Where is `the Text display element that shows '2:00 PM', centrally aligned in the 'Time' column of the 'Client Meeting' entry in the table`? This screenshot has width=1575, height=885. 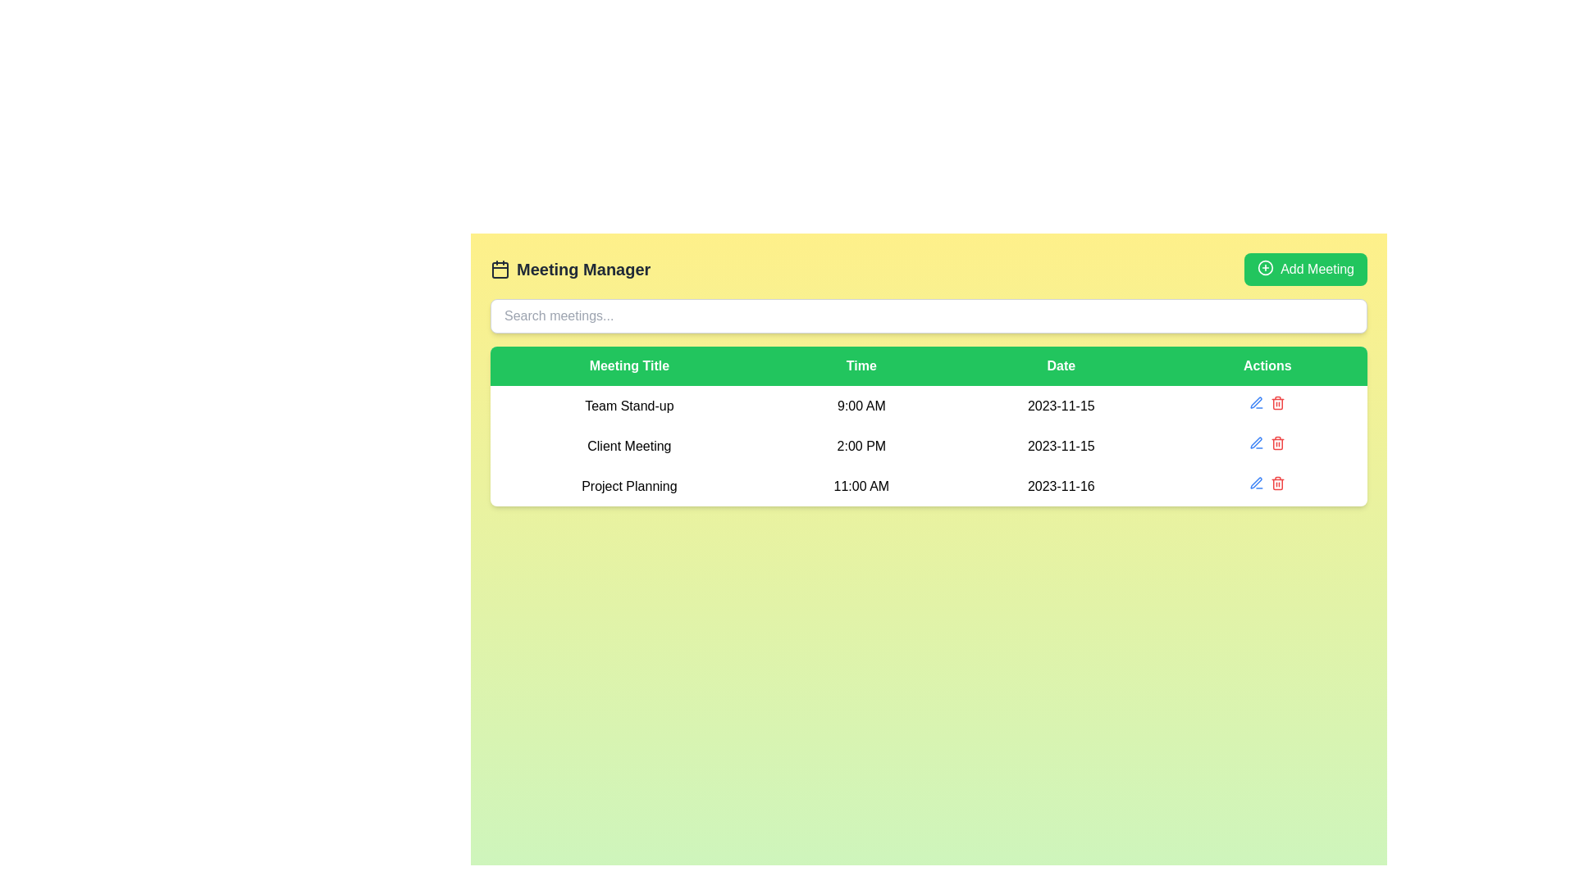 the Text display element that shows '2:00 PM', centrally aligned in the 'Time' column of the 'Client Meeting' entry in the table is located at coordinates (861, 446).